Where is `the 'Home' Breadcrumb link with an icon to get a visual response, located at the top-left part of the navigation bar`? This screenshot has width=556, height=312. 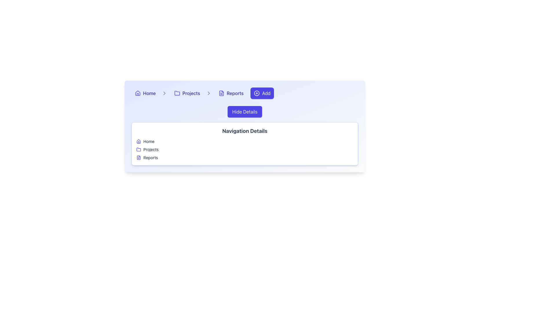
the 'Home' Breadcrumb link with an icon to get a visual response, located at the top-left part of the navigation bar is located at coordinates (145, 93).